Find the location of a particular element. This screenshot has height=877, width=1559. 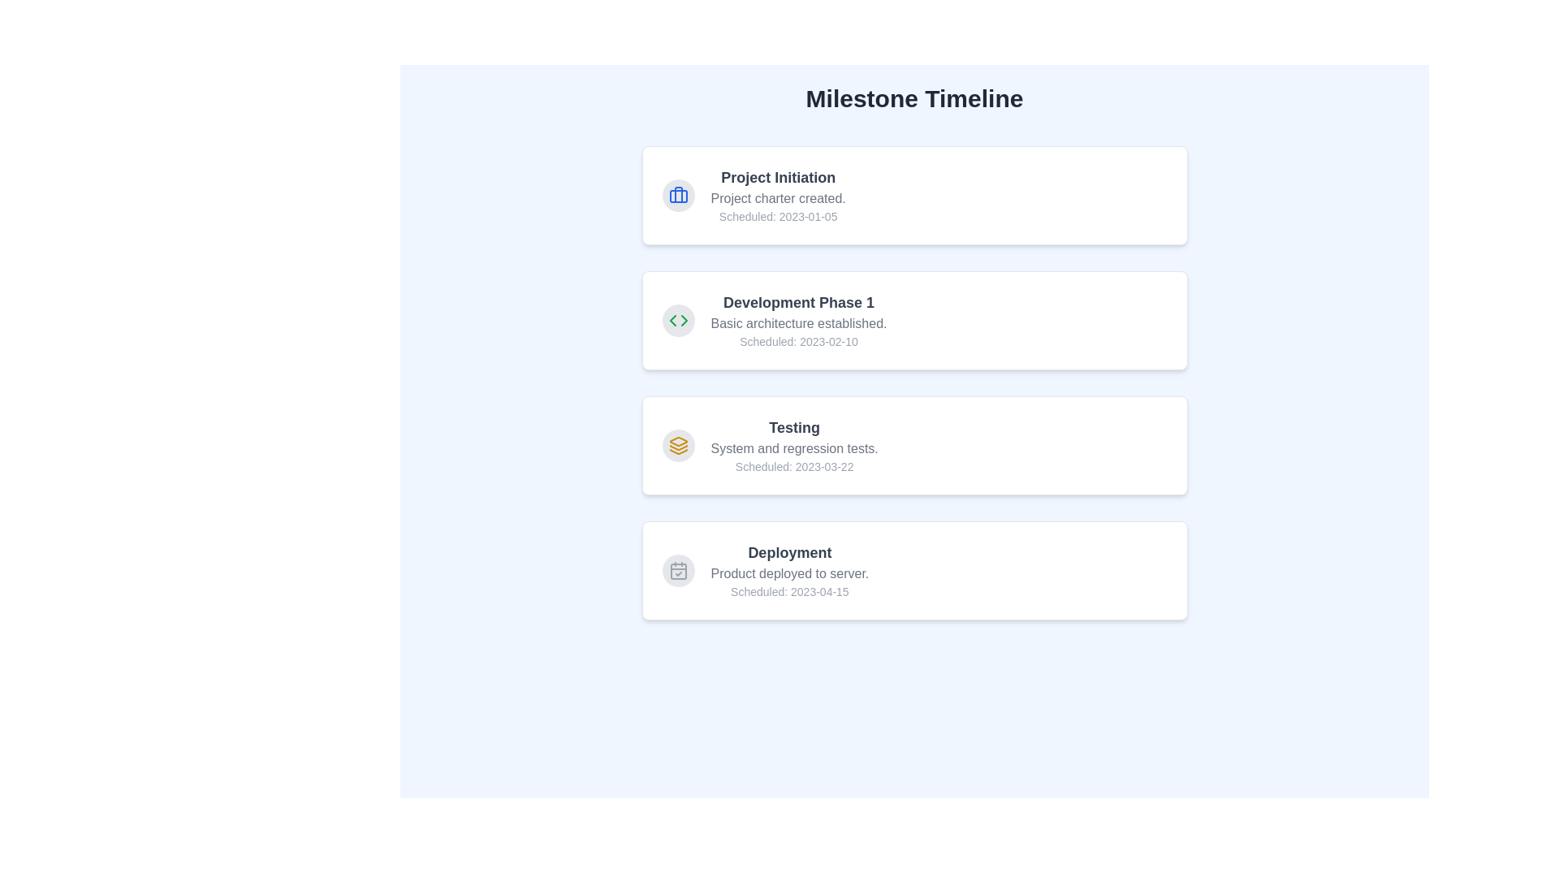

the SVG Rectangle that represents the 'Project Initiation' milestone icon, located in the uppermost milestone box of the timeline is located at coordinates (678, 196).